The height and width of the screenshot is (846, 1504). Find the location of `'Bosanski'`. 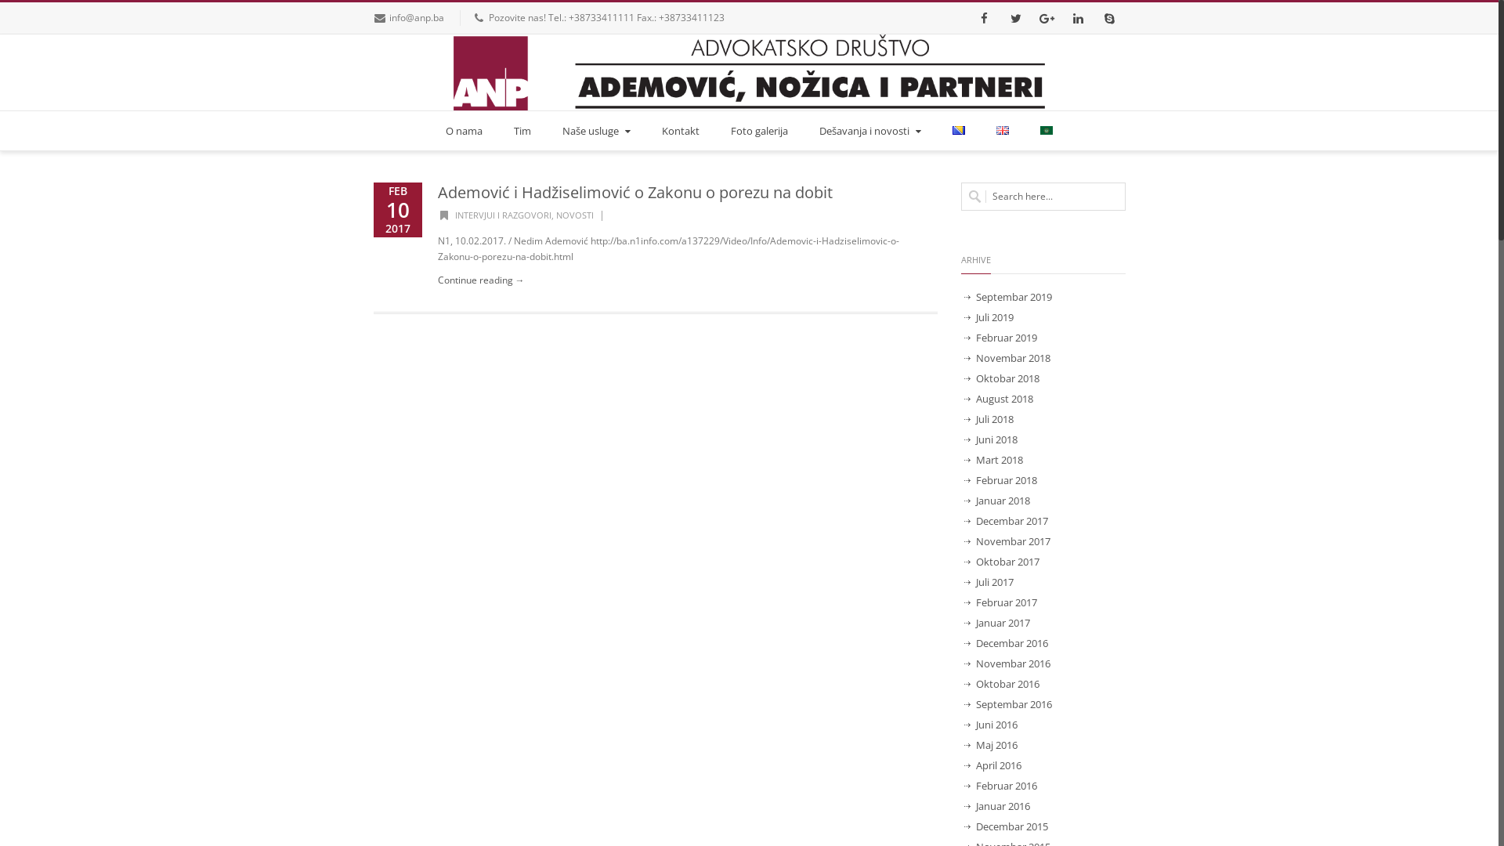

'Bosanski' is located at coordinates (958, 129).